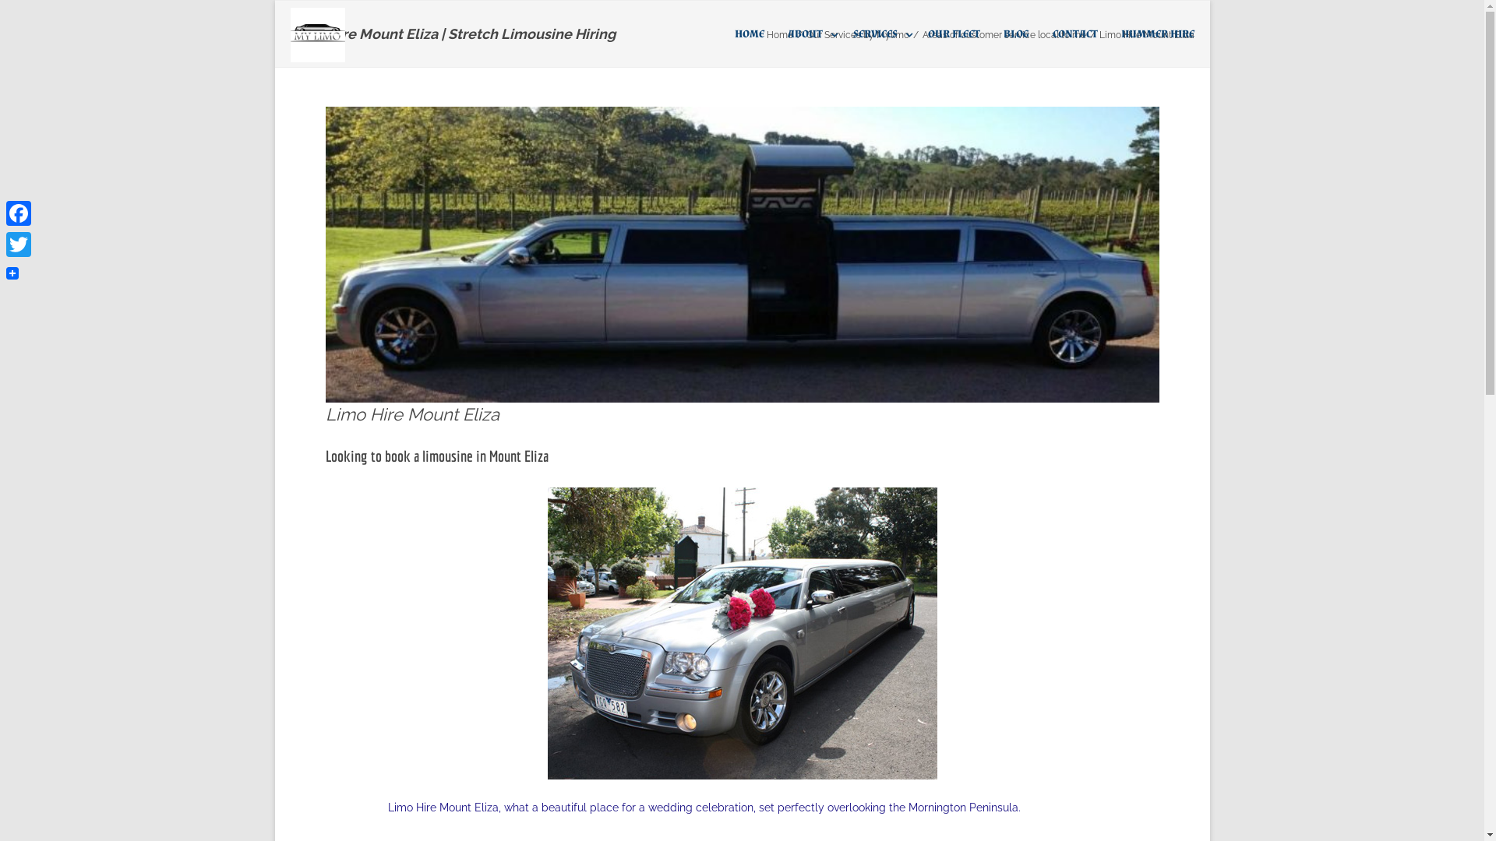 The image size is (1496, 841). I want to click on 'Areas of customer service local to me', so click(1004, 35).